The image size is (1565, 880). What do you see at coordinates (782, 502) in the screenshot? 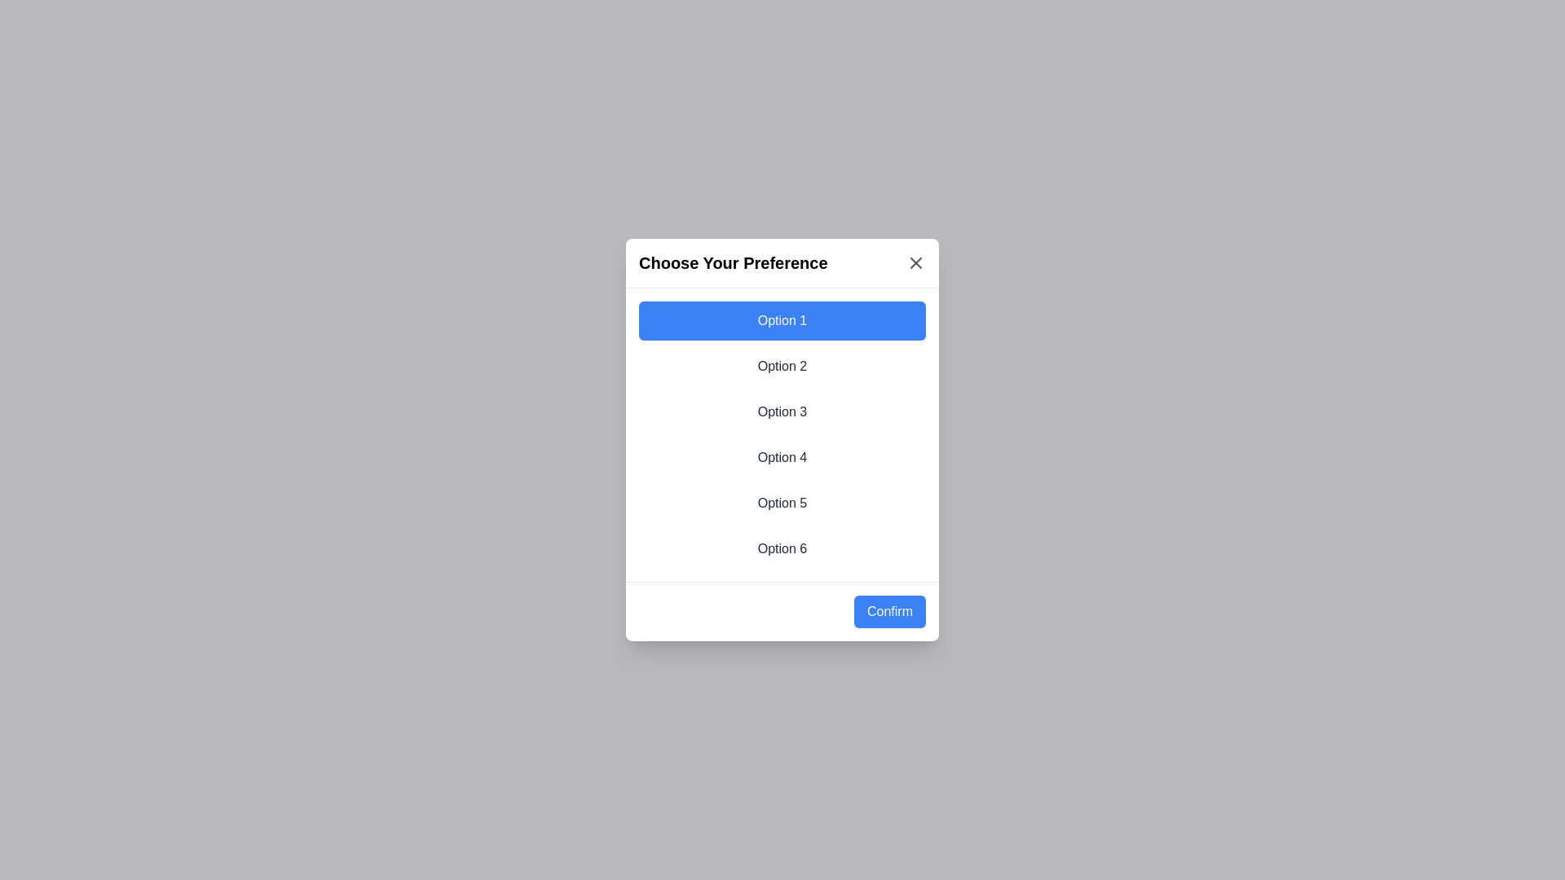
I see `the option 5 from the list` at bounding box center [782, 502].